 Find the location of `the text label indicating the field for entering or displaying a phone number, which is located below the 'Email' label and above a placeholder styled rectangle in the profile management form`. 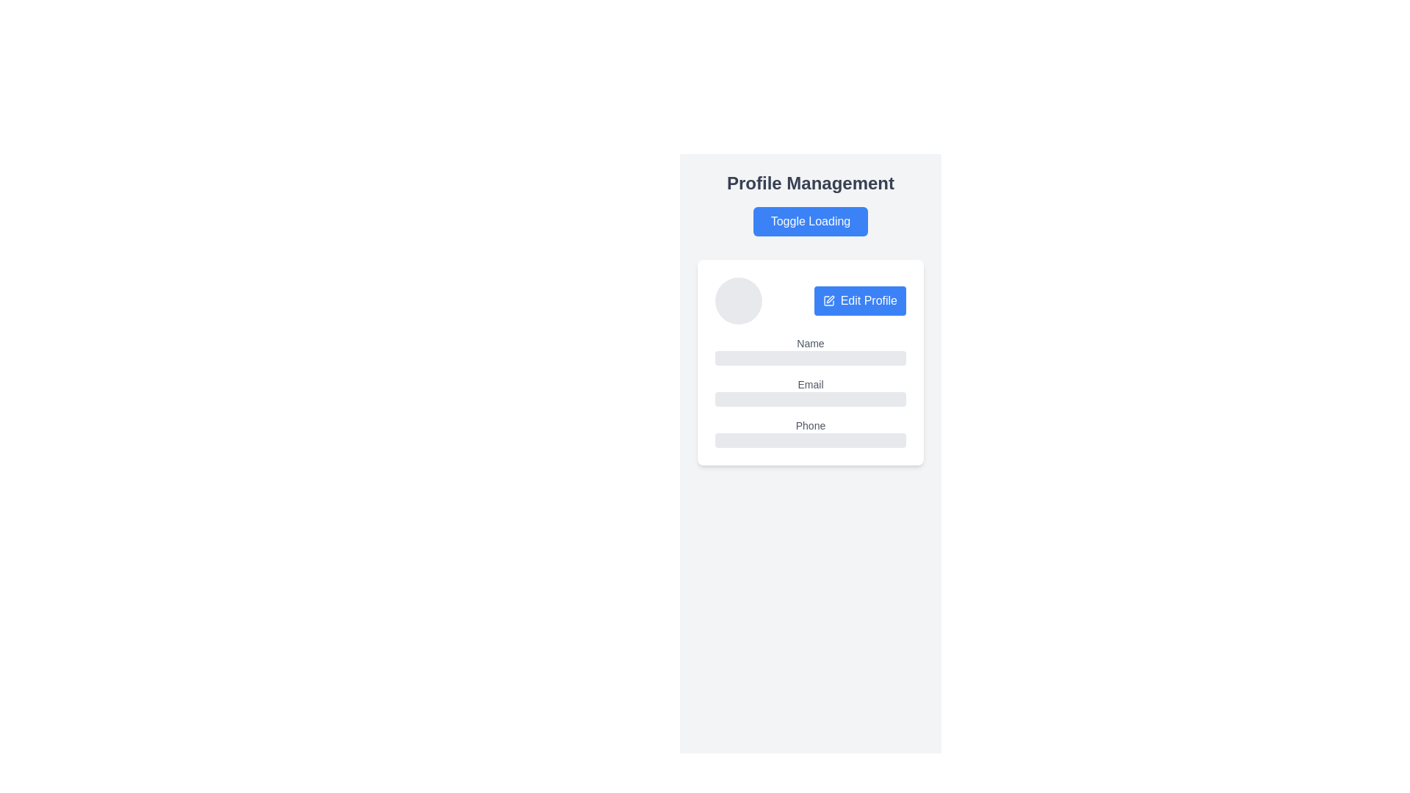

the text label indicating the field for entering or displaying a phone number, which is located below the 'Email' label and above a placeholder styled rectangle in the profile management form is located at coordinates (810, 425).